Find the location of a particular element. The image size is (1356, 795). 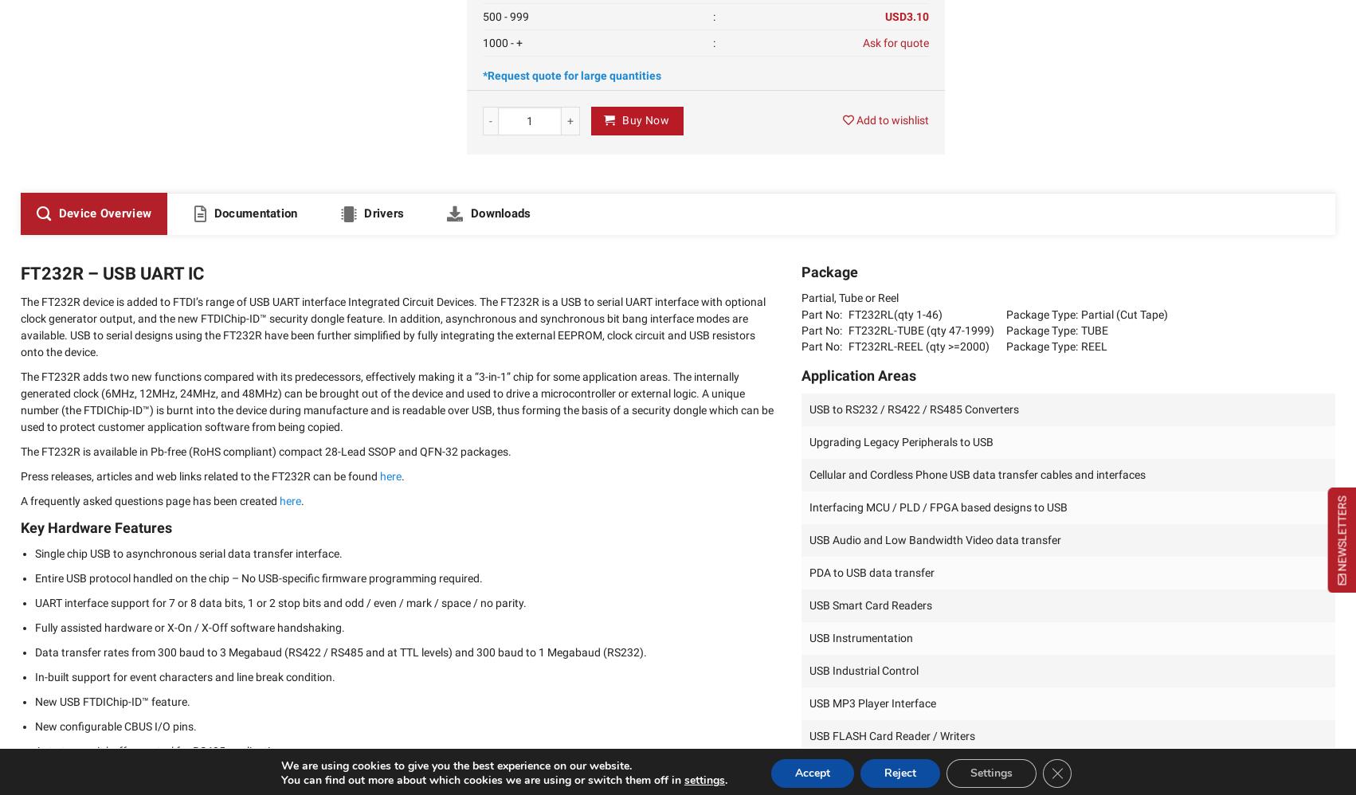

'New configurable CBUS I/O pins.' is located at coordinates (115, 726).